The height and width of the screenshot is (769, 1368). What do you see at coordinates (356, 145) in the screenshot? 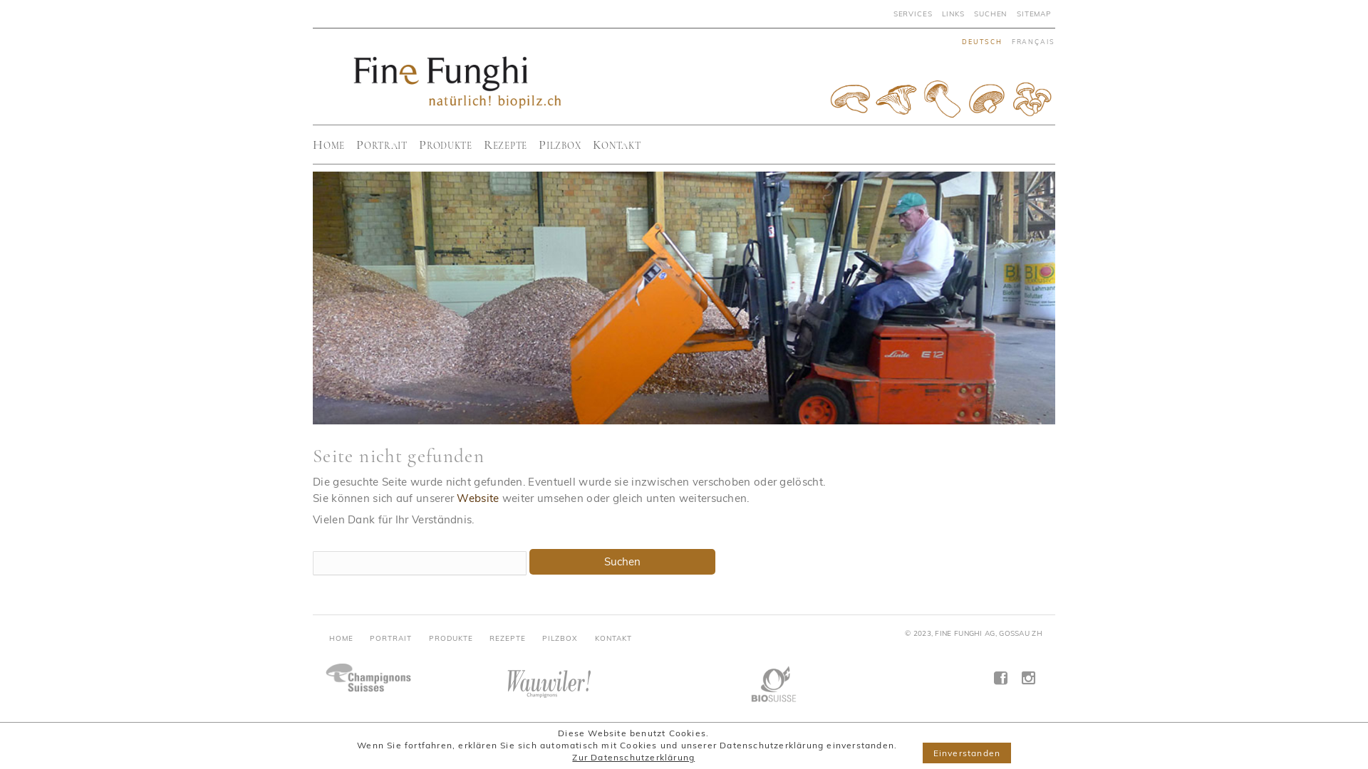
I see `'Portrait'` at bounding box center [356, 145].